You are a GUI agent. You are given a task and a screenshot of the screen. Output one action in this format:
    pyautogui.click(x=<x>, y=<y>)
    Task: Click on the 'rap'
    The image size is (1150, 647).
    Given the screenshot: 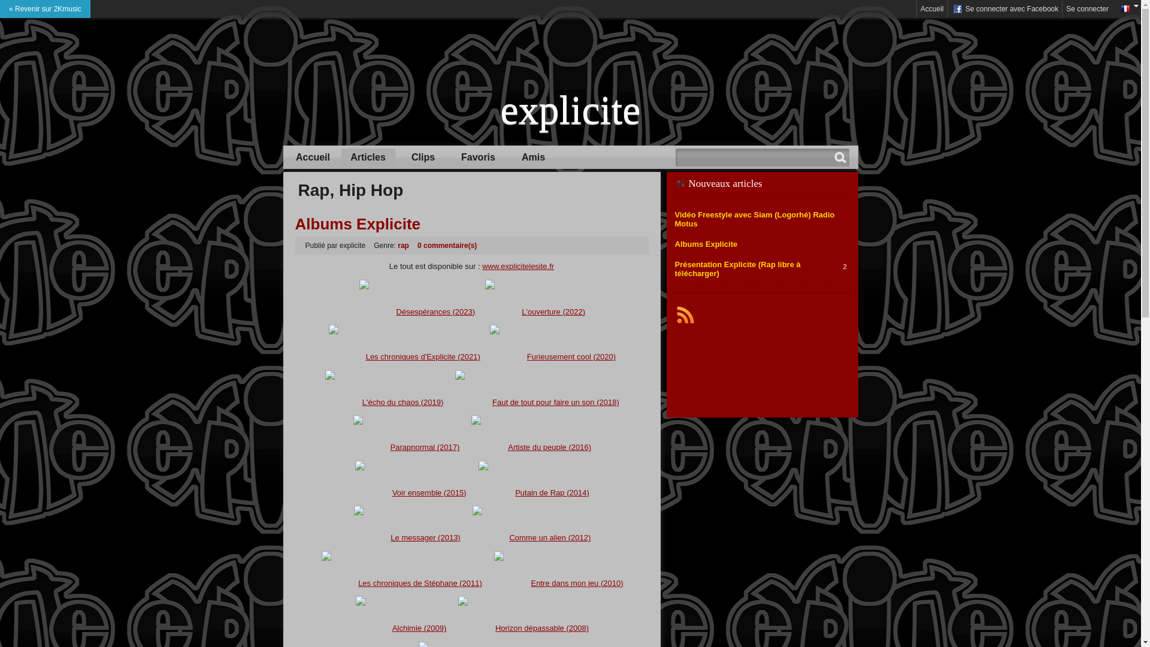 What is the action you would take?
    pyautogui.click(x=403, y=244)
    